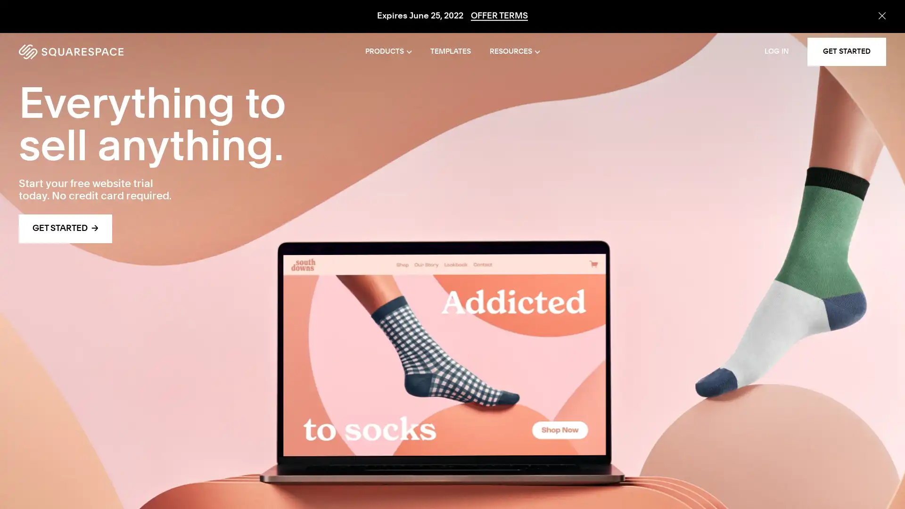 This screenshot has width=905, height=509. I want to click on Products dropdown menu, so click(388, 52).